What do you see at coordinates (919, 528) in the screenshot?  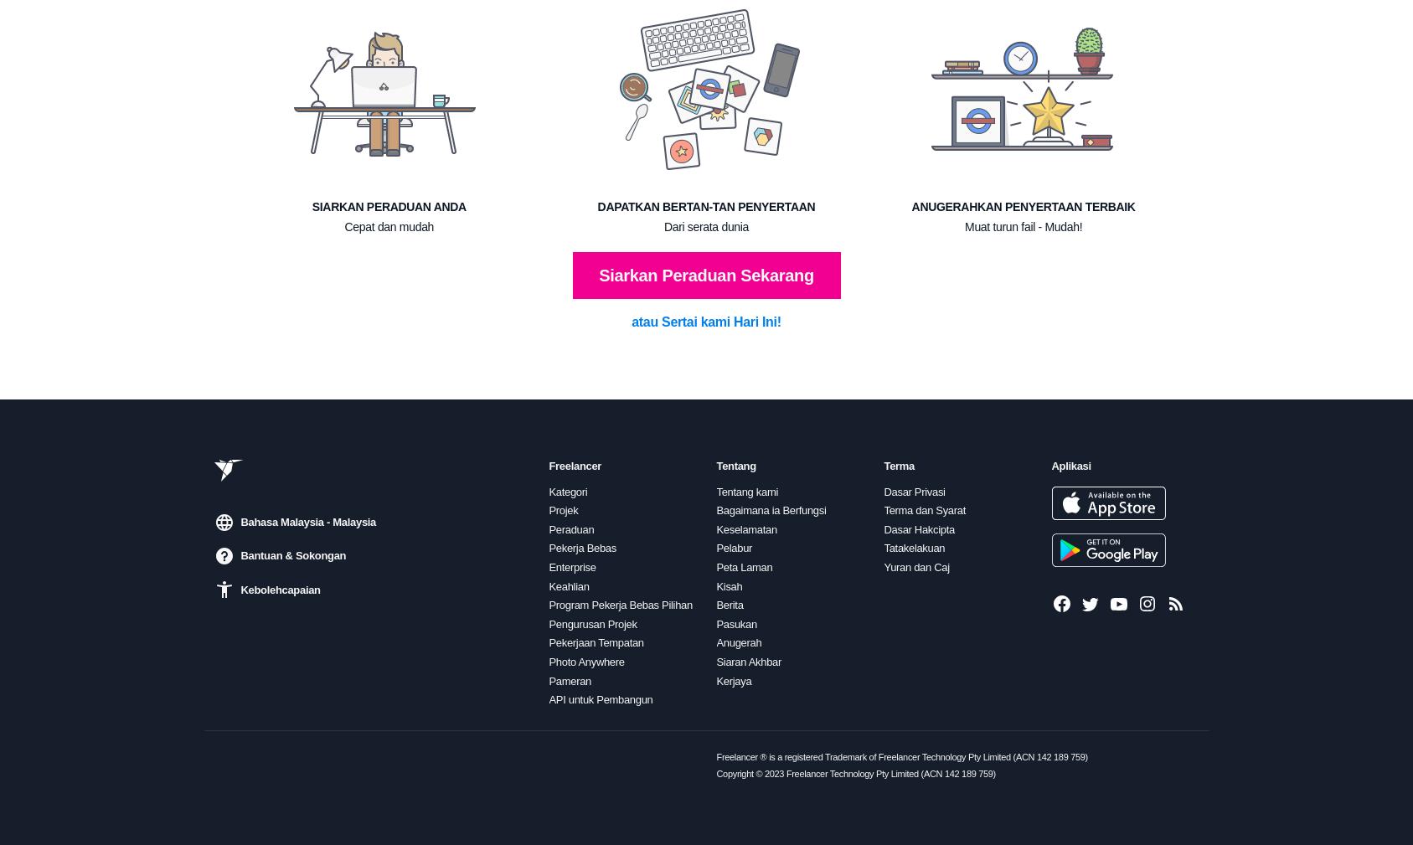 I see `'Dasar Hakcipta'` at bounding box center [919, 528].